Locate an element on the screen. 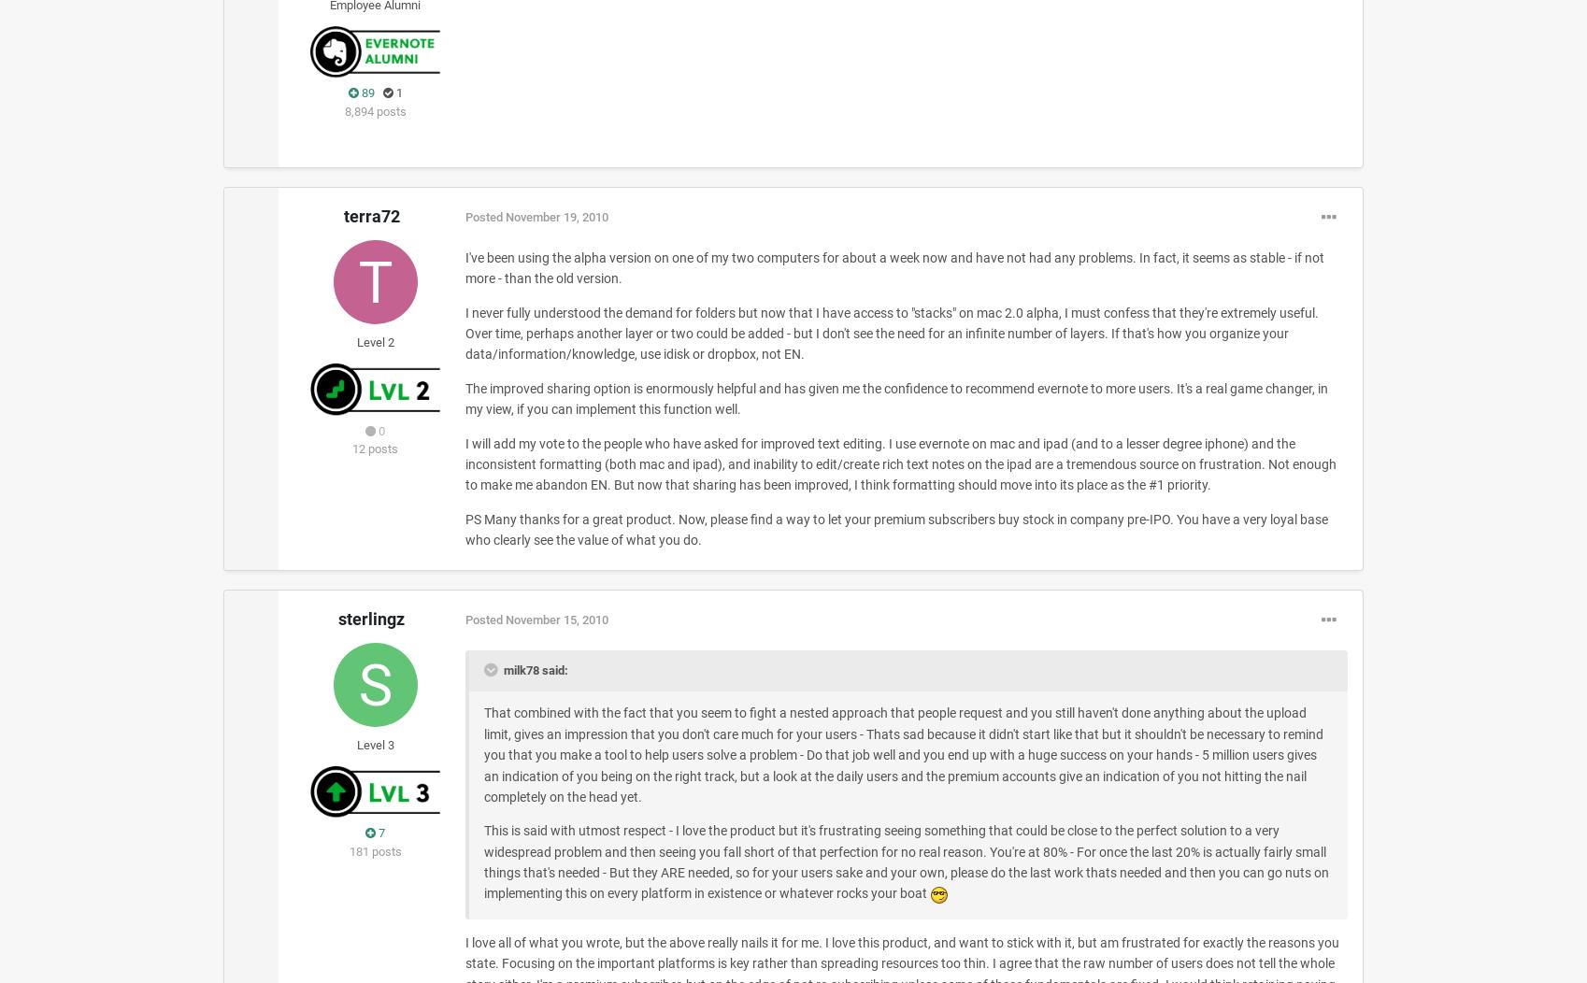 This screenshot has width=1587, height=983. 'November 15, 2010' is located at coordinates (555, 618).